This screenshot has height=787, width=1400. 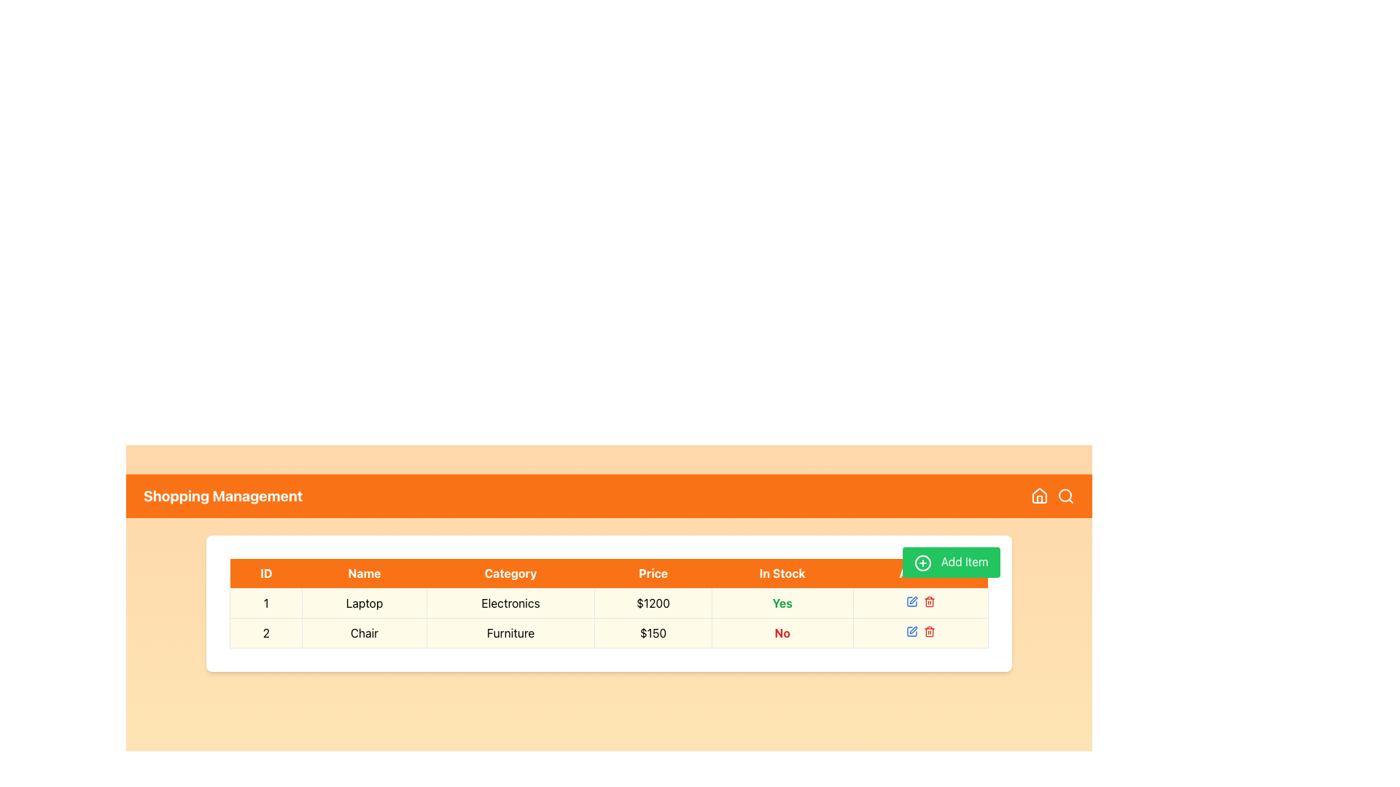 I want to click on the edit button located in the last row of the table under the 'In Stock' column, so click(x=911, y=631).